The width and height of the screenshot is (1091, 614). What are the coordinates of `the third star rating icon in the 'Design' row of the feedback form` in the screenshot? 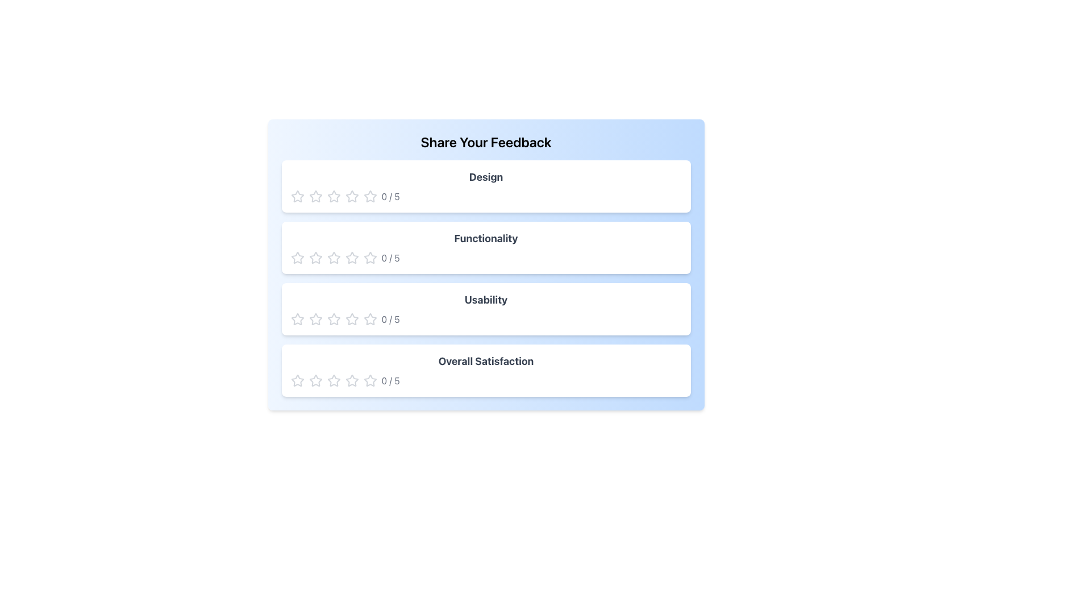 It's located at (370, 196).